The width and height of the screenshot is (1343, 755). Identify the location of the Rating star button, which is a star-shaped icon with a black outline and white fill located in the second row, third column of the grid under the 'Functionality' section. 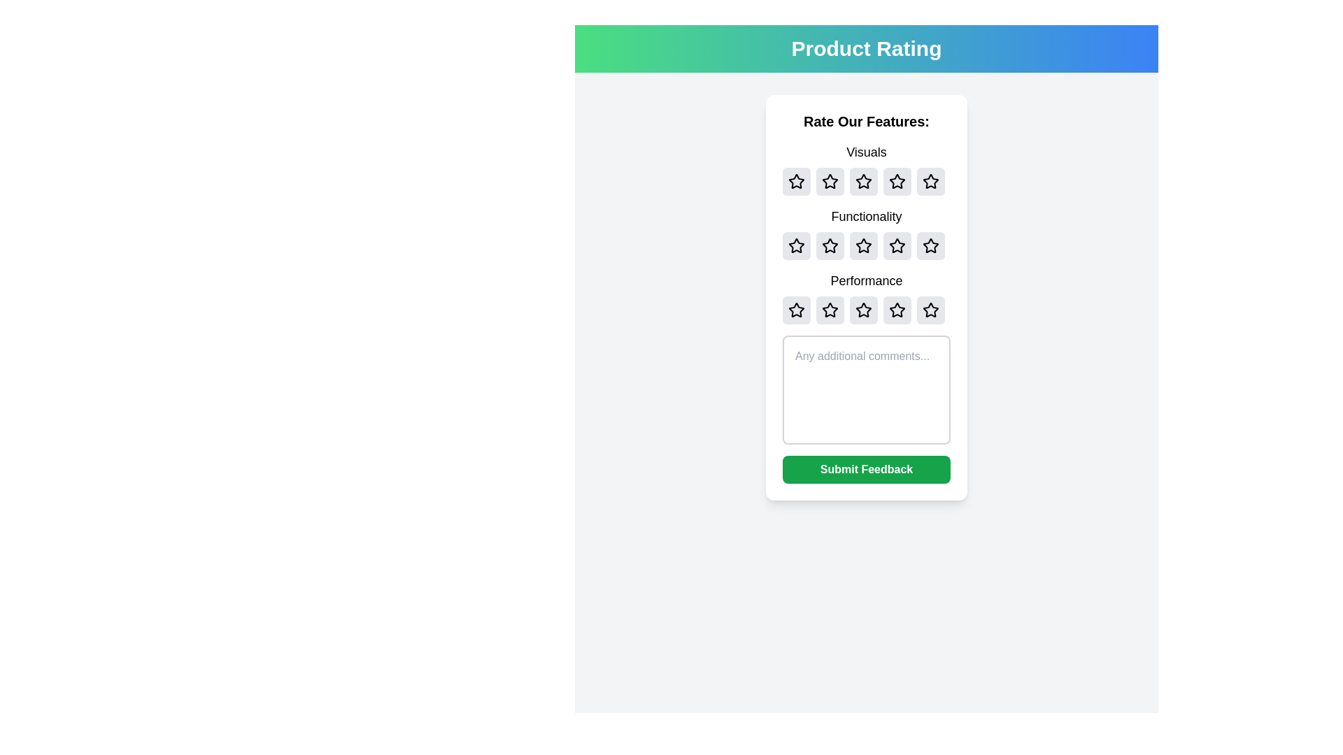
(862, 245).